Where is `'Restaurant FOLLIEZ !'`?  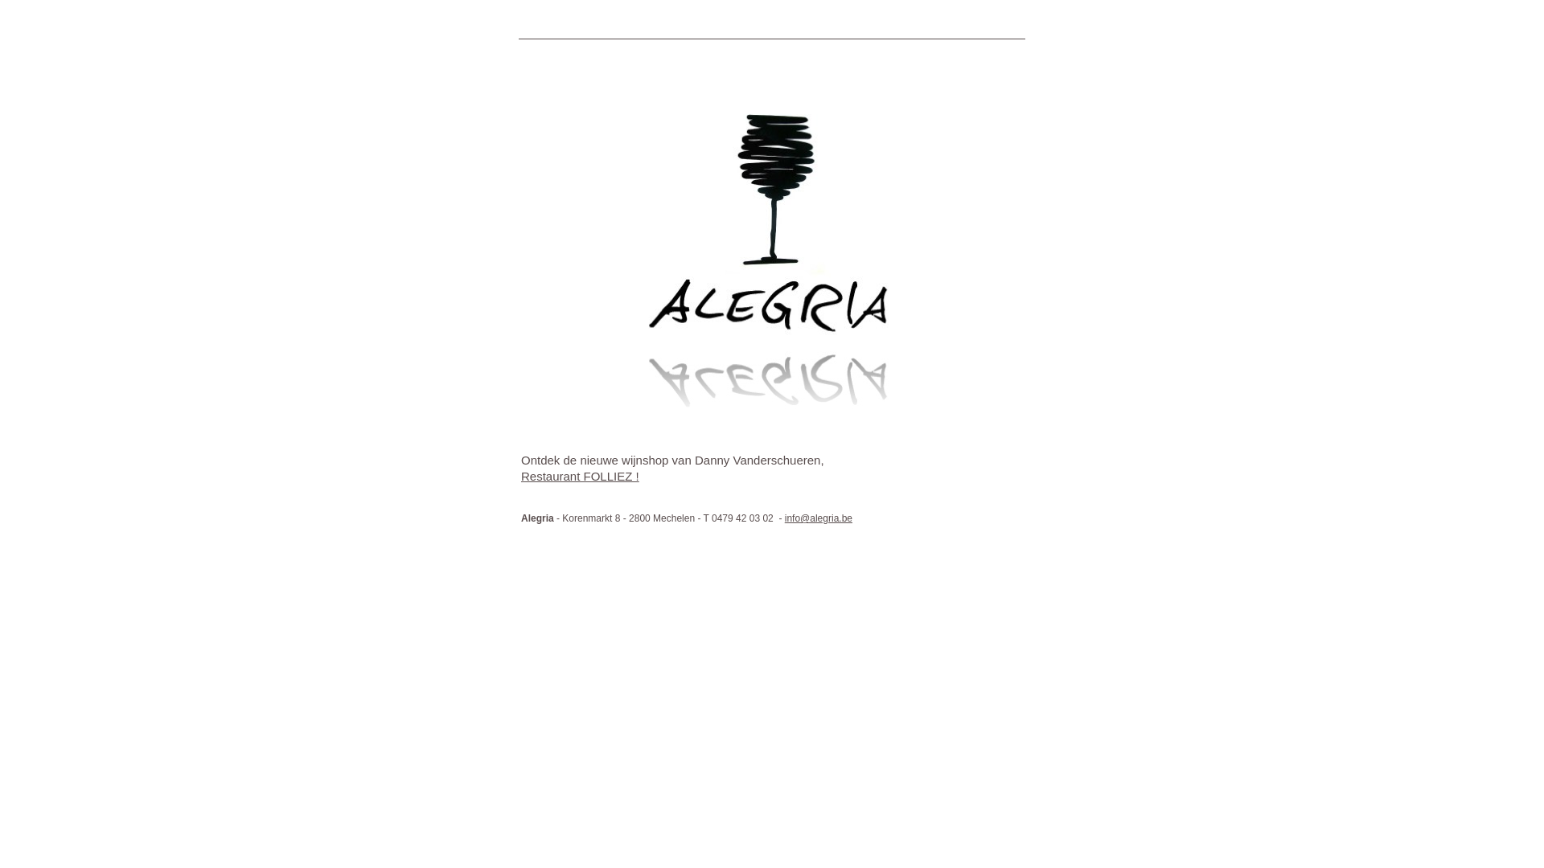 'Restaurant FOLLIEZ !' is located at coordinates (579, 475).